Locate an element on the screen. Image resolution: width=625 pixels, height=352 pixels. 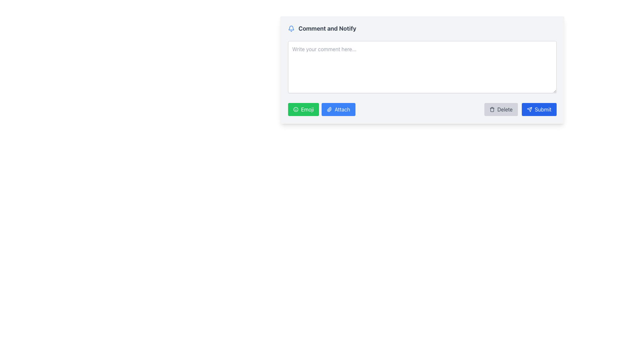
the decorative icon that visually represents emojis, located at the leftmost side of the 'Emoji' button is located at coordinates (295, 109).